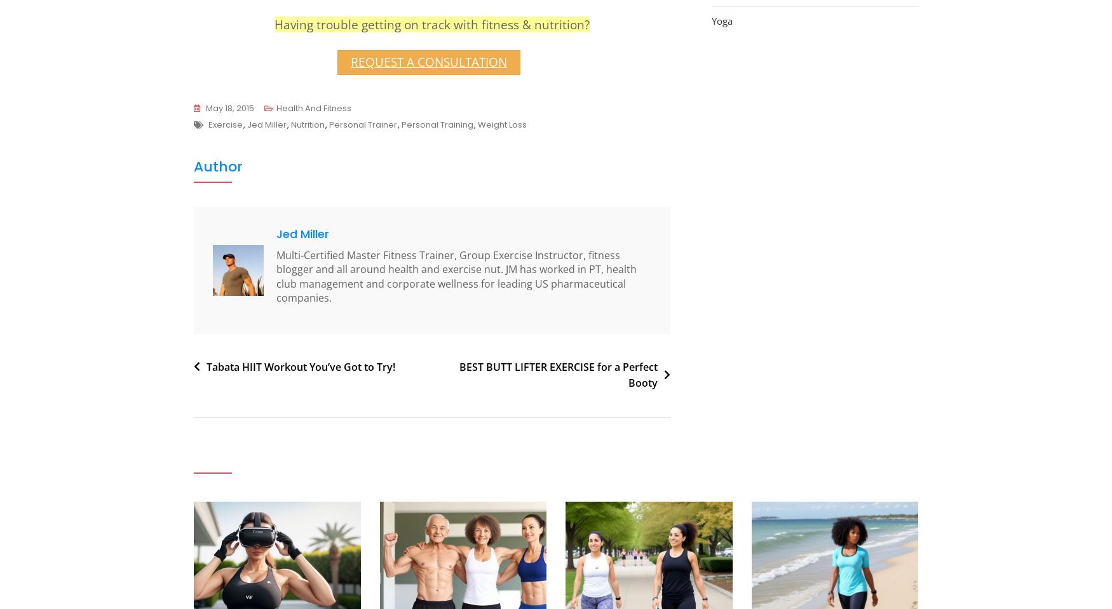 The image size is (1112, 609). I want to click on 'Yoga', so click(721, 20).